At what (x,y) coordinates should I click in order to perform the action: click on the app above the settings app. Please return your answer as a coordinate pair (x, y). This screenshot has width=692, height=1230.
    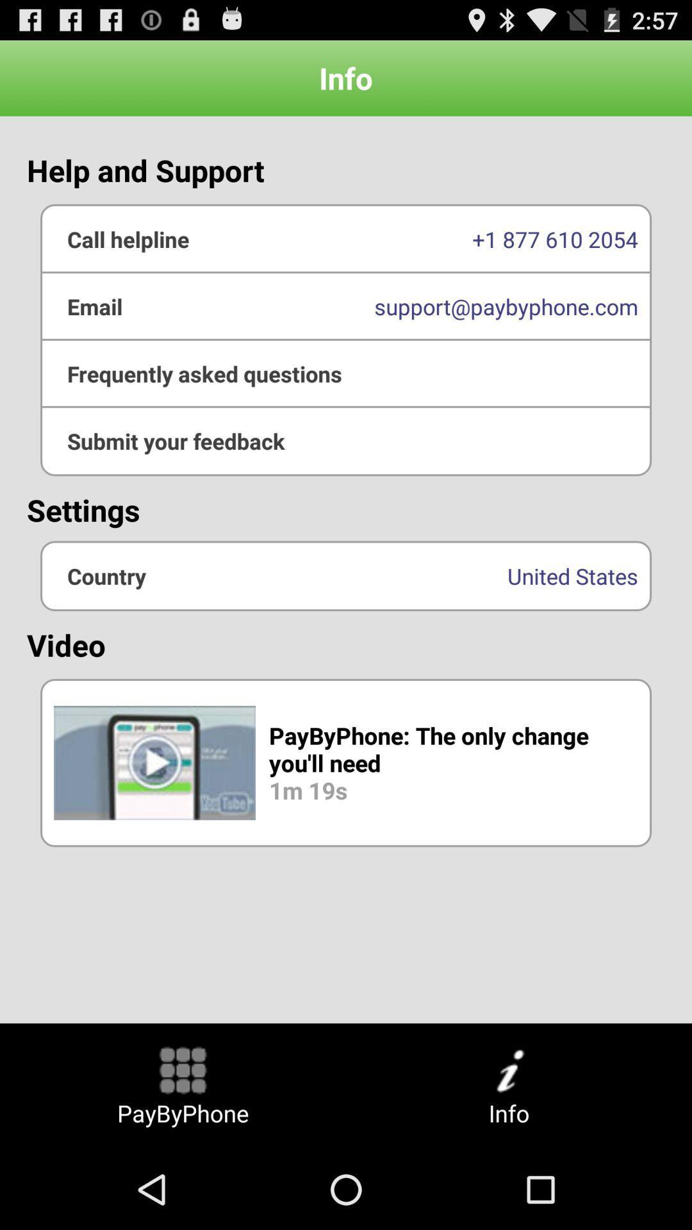
    Looking at the image, I should click on (346, 373).